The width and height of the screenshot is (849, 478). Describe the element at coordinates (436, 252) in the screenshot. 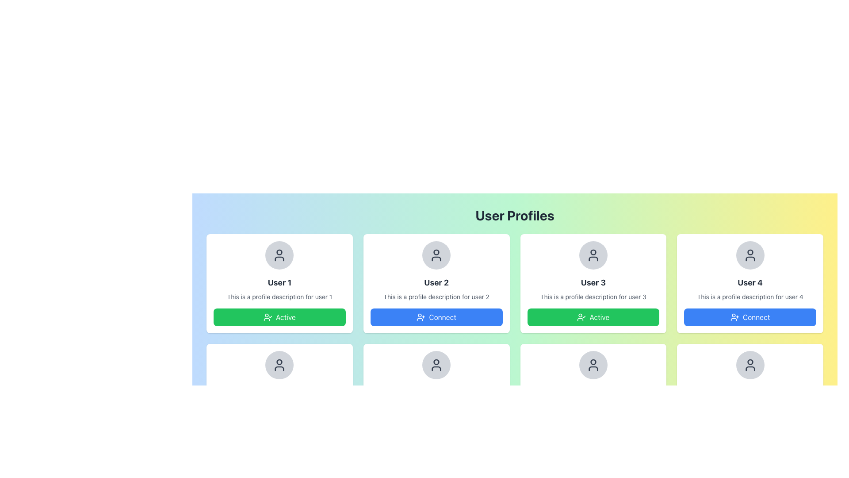

I see `the circular dot within the profile icon of 'User 2' in the user profile grid` at that location.